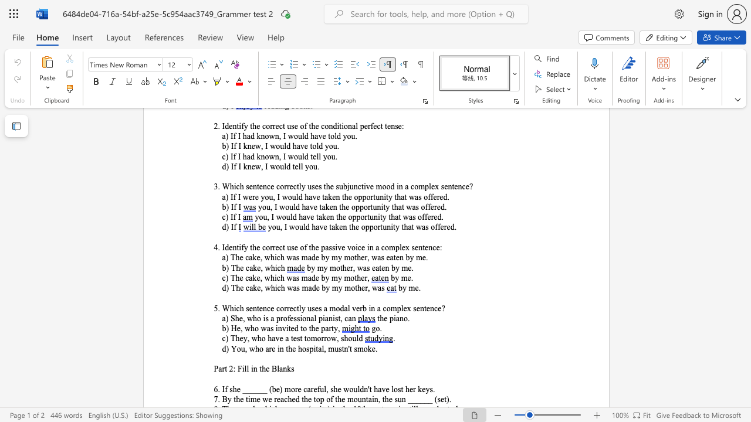 The image size is (751, 422). Describe the element at coordinates (261, 338) in the screenshot. I see `the subset text "o ha" within the text "c) They, who have a test tomorrow, should"` at that location.